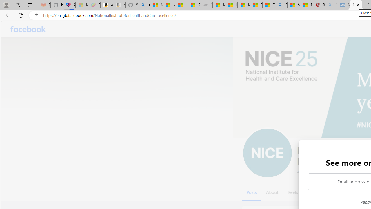  Describe the element at coordinates (81, 5) in the screenshot. I see `'Microsoft-Report a Concern to Bing - Sleeping'` at that location.